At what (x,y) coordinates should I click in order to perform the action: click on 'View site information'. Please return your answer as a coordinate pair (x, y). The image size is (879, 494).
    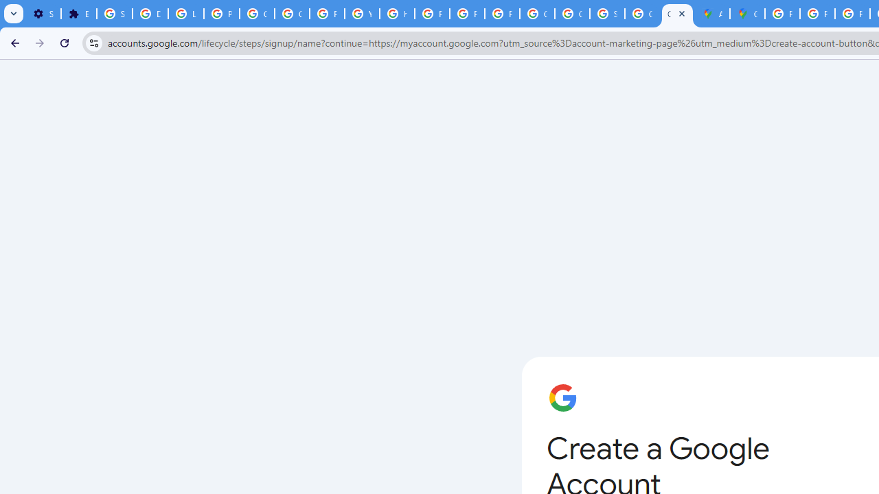
    Looking at the image, I should click on (93, 42).